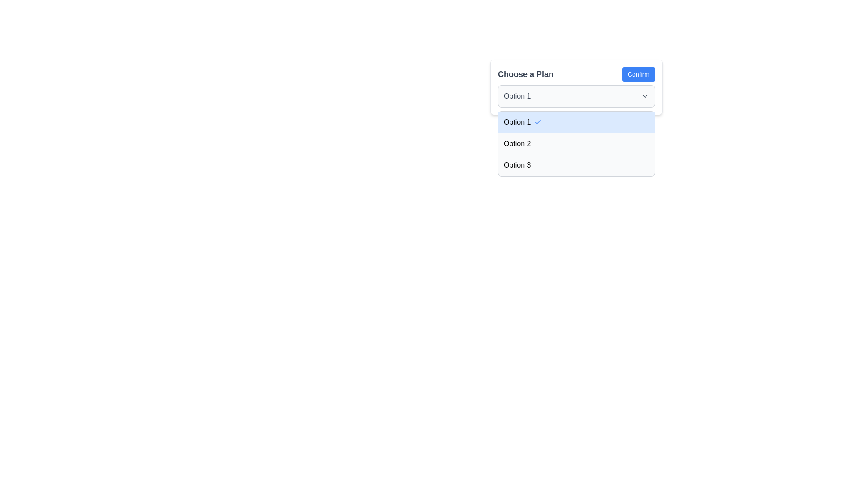 This screenshot has width=862, height=484. Describe the element at coordinates (538, 122) in the screenshot. I see `the selection indicator icon for 'Option 1' in the 'Choose a Plan' dropdown menu to confirm the selected state` at that location.